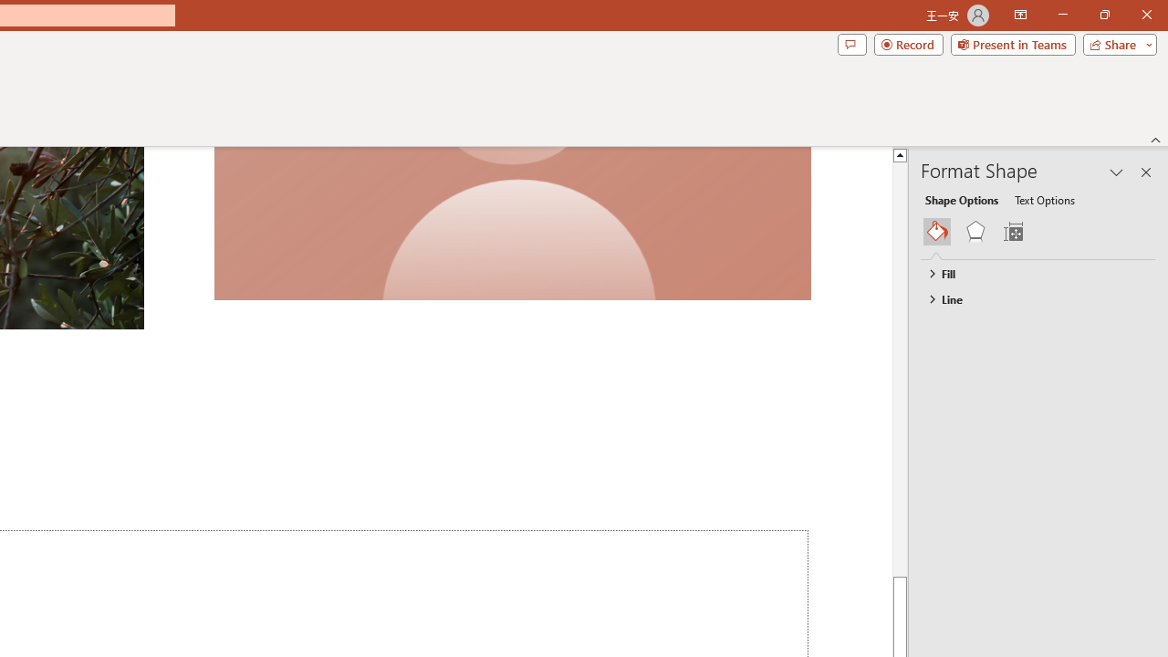  Describe the element at coordinates (1044, 199) in the screenshot. I see `'Text Options'` at that location.